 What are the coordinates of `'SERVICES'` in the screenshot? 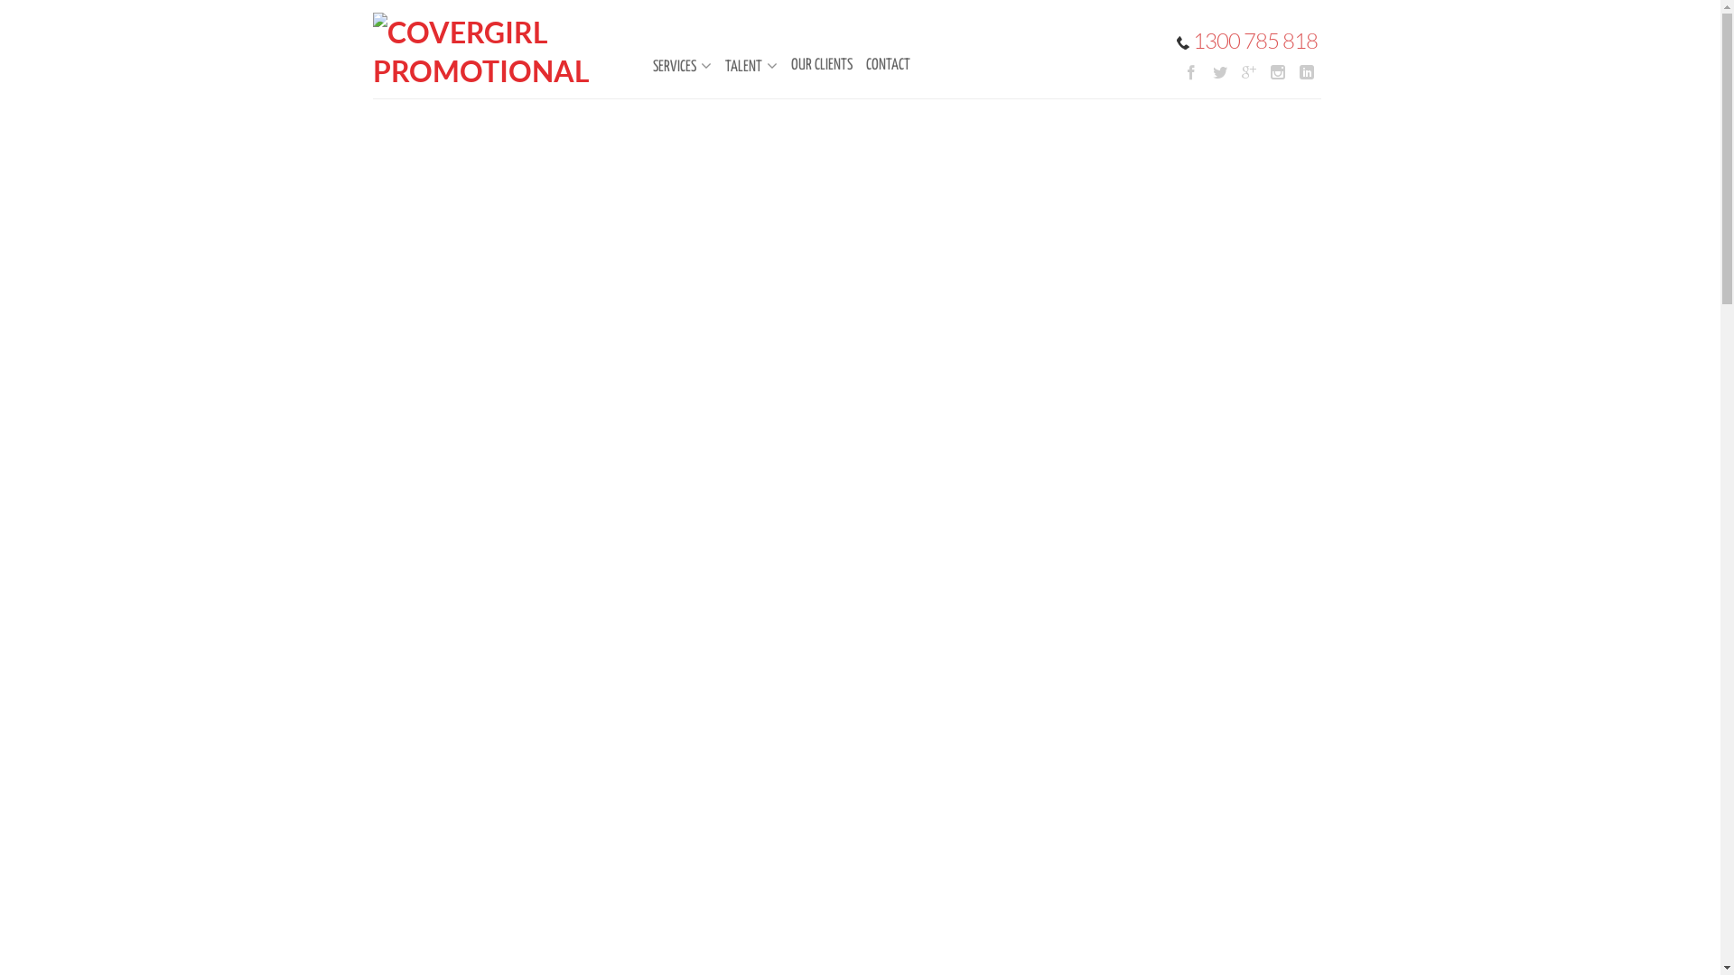 It's located at (671, 66).